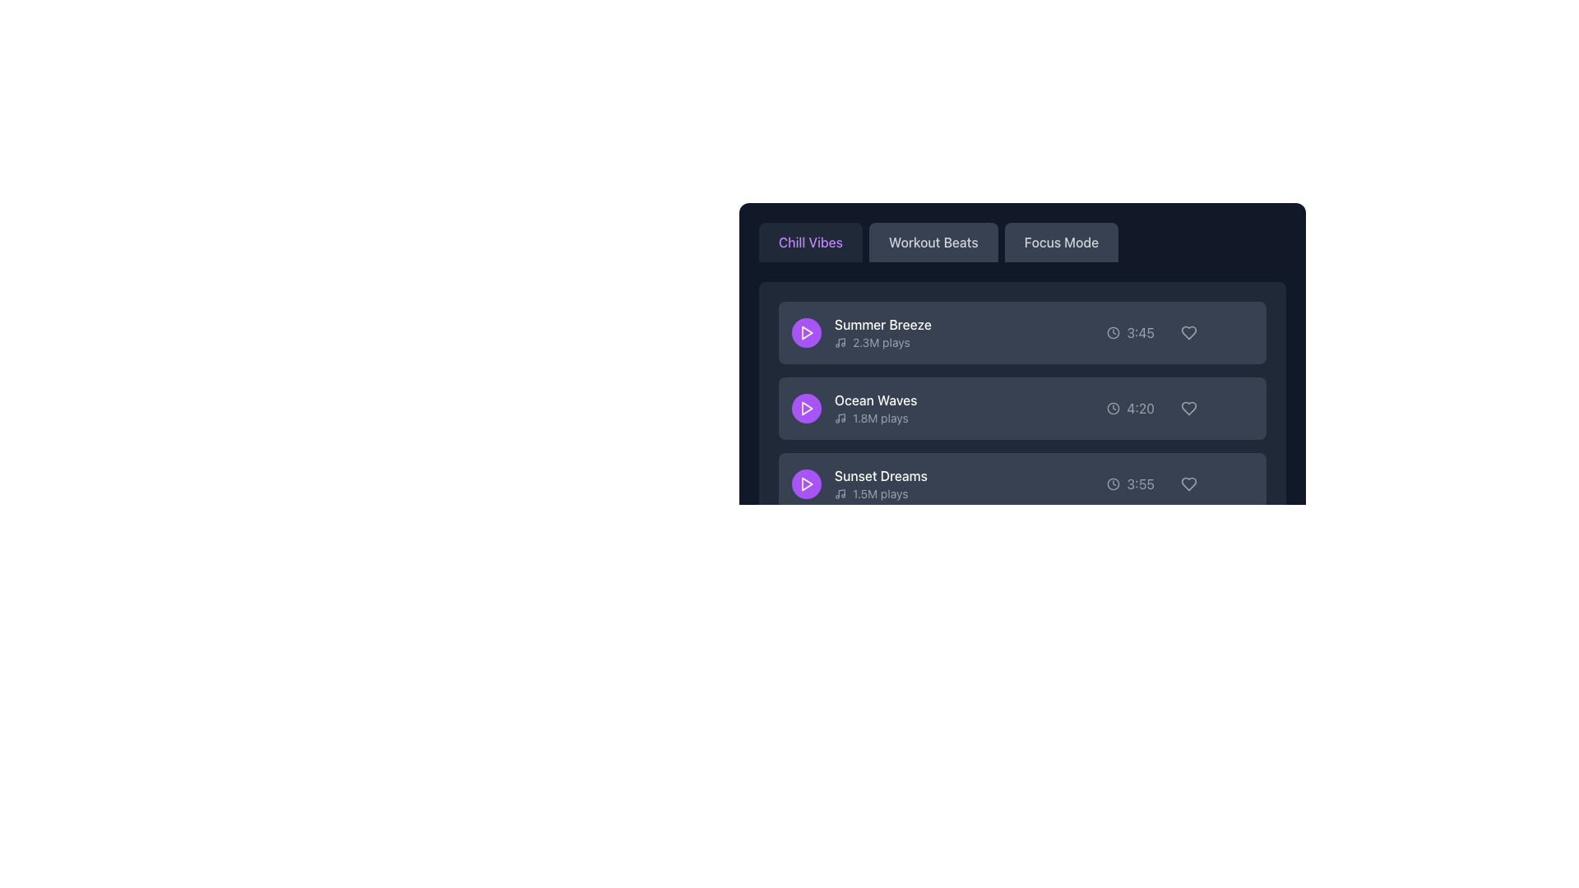 This screenshot has height=888, width=1579. What do you see at coordinates (879, 493) in the screenshot?
I see `the text label indicating the play count for the song 'Sunset Dreams', which is located directly below the song title in the third row of the list interface` at bounding box center [879, 493].